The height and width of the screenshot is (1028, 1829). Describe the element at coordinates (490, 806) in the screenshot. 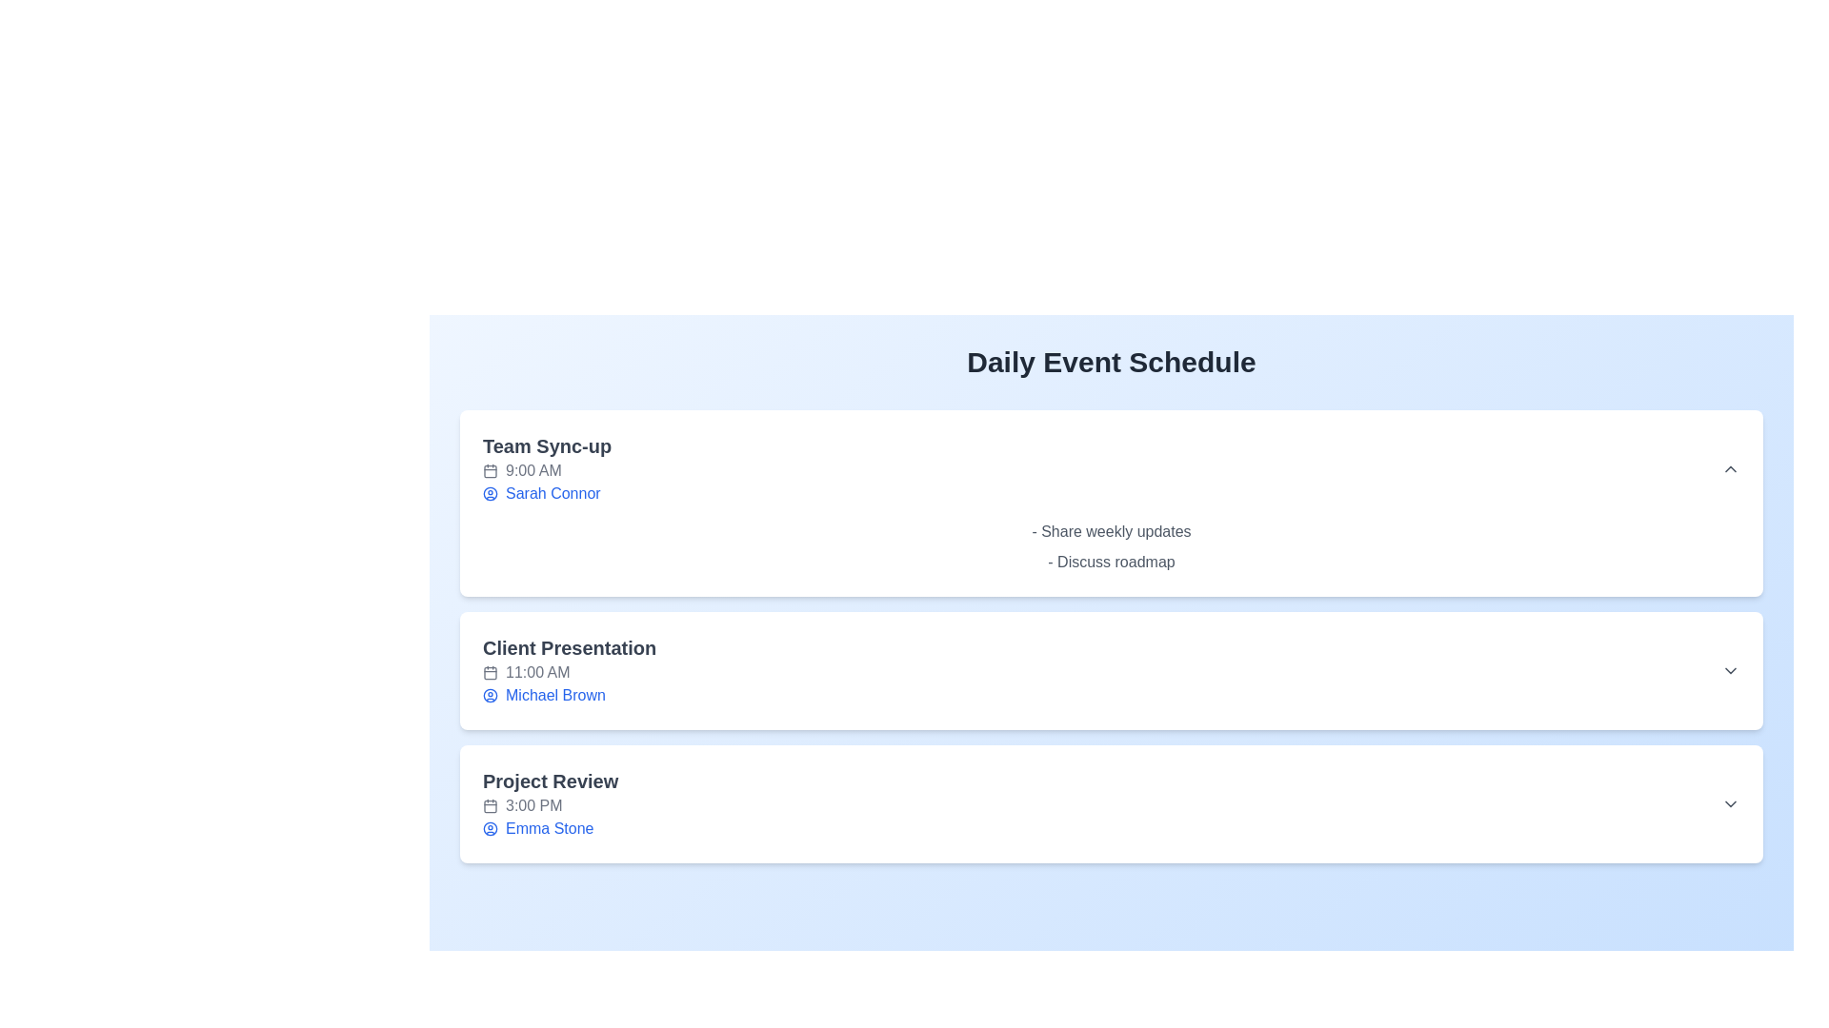

I see `the decorative element inside the calendar icon located in the third event card 'Project Review' before the time '3:00 PM'` at that location.